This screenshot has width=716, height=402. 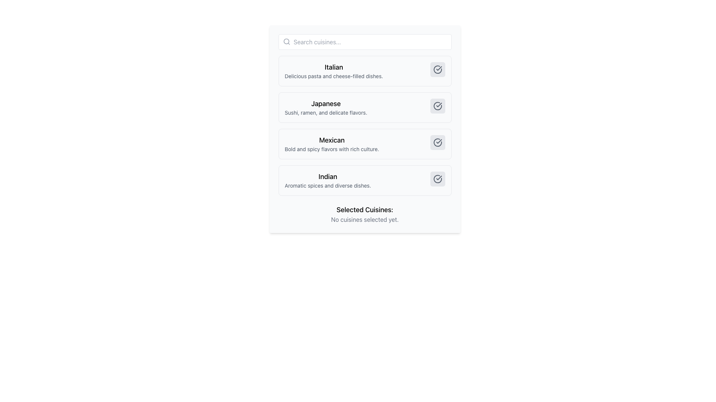 What do you see at coordinates (333, 76) in the screenshot?
I see `supplementary information label for the cuisine category 'Italian' located beneath the title 'Italian' in the selection box` at bounding box center [333, 76].